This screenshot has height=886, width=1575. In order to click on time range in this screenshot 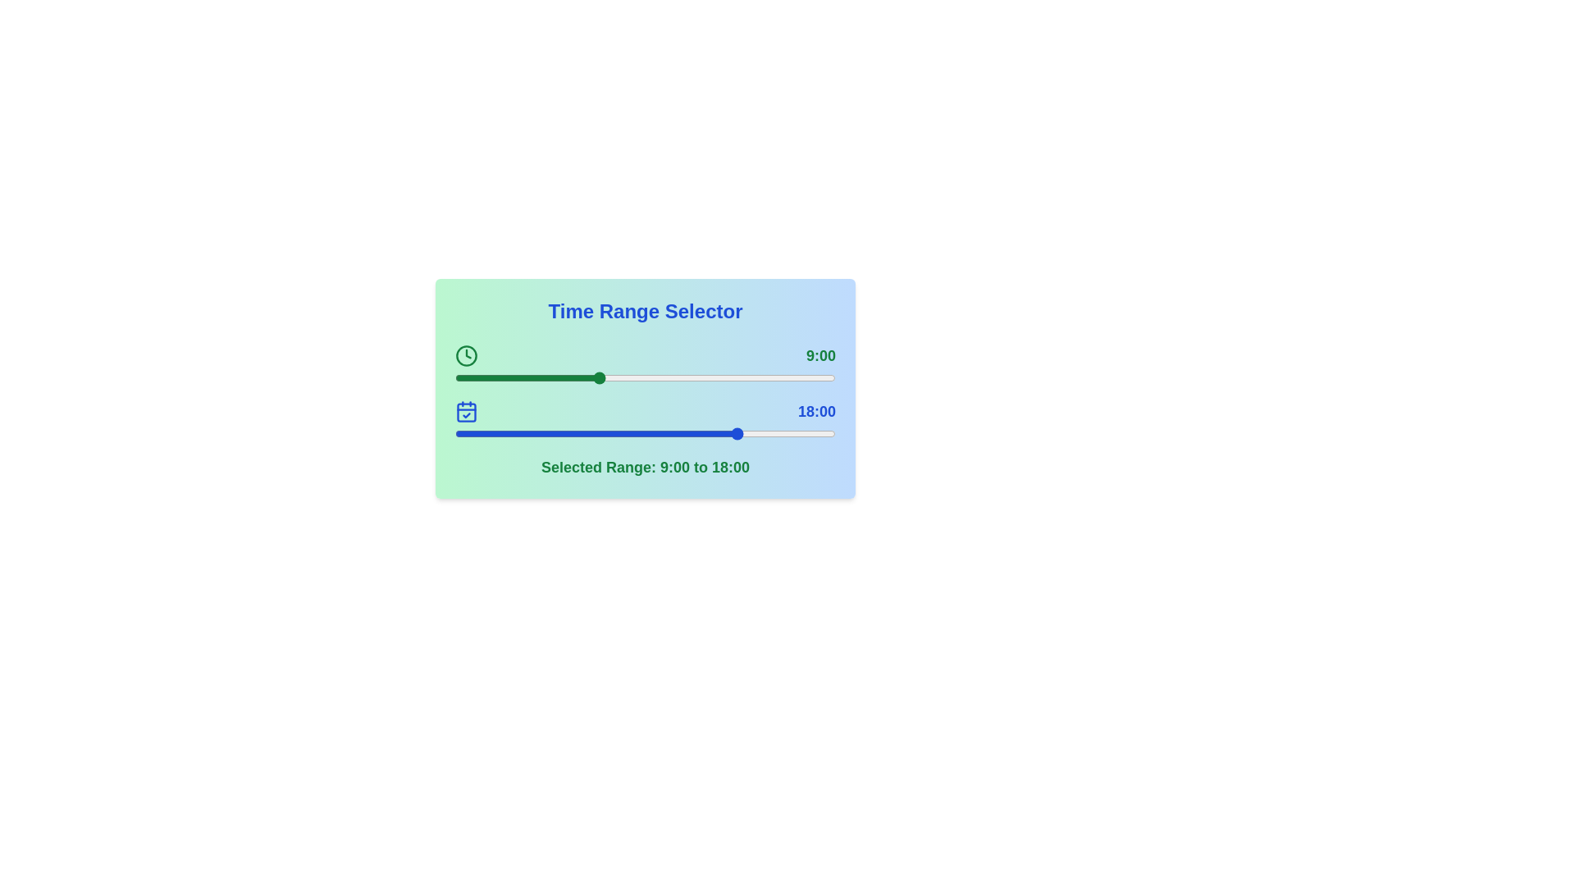, I will do `click(534, 432)`.